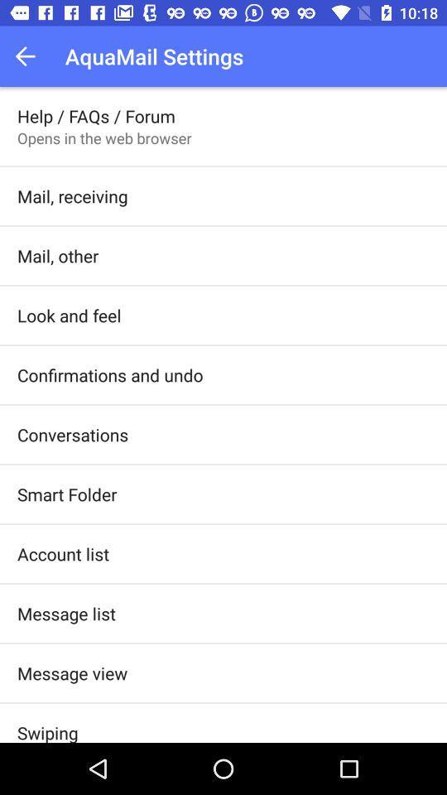 Image resolution: width=447 pixels, height=795 pixels. What do you see at coordinates (104, 137) in the screenshot?
I see `the item above mail, receiving app` at bounding box center [104, 137].